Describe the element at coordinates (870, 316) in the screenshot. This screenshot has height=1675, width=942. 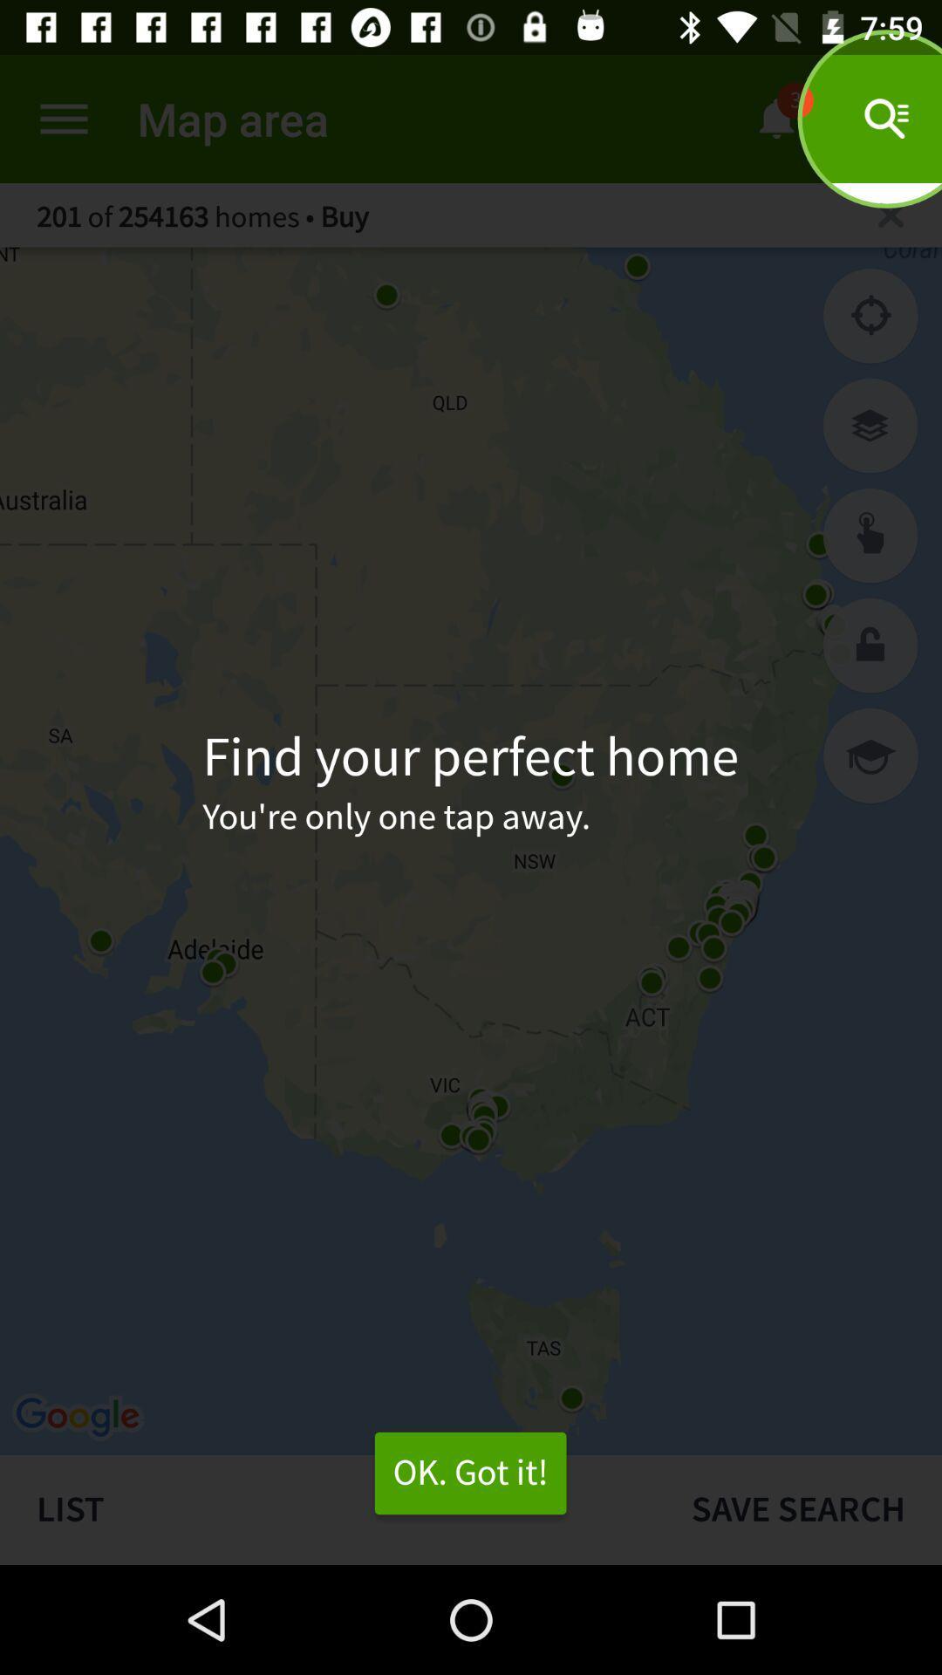
I see `icon below 201 of 254163` at that location.